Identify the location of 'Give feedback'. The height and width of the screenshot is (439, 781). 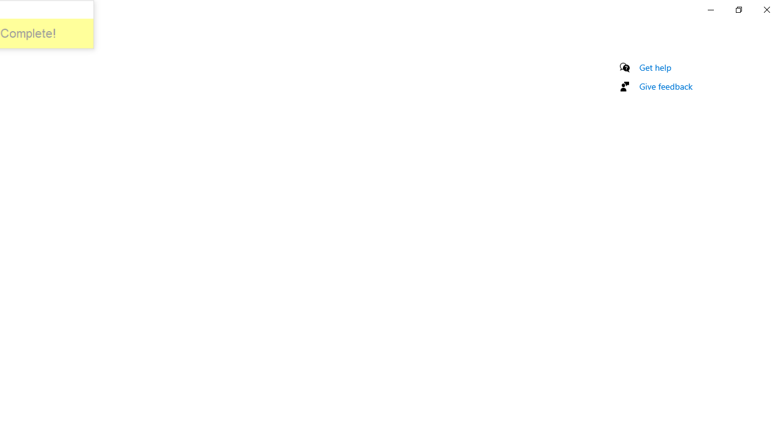
(665, 85).